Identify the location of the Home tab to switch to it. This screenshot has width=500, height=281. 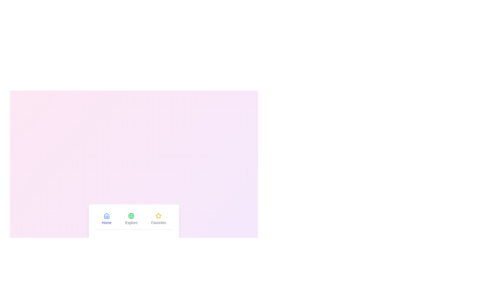
(106, 219).